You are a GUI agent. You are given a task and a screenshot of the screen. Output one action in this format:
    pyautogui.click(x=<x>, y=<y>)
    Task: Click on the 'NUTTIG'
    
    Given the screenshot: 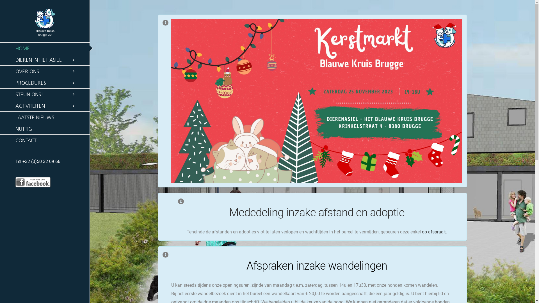 What is the action you would take?
    pyautogui.click(x=44, y=129)
    